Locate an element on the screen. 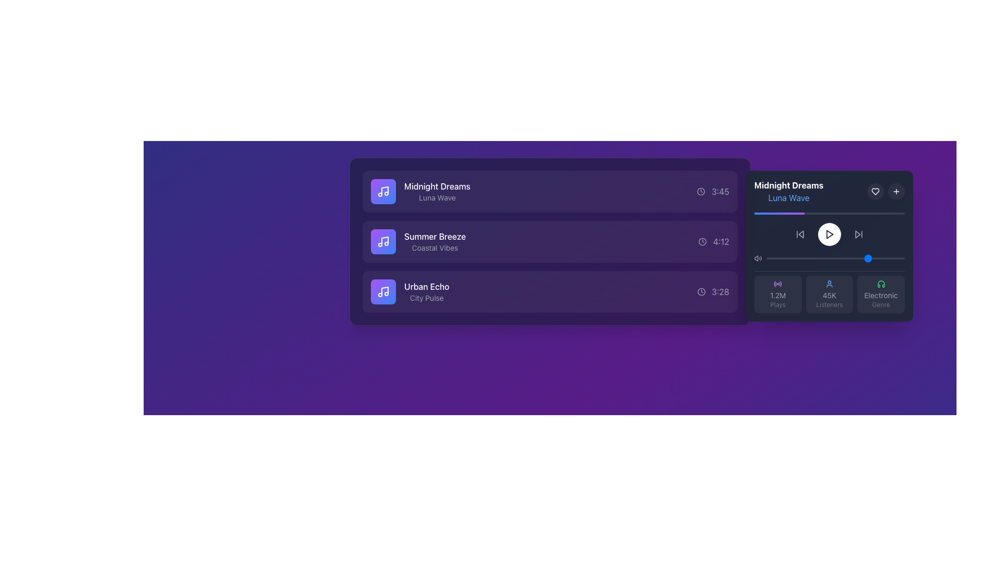  the heart-shaped icon in the top-right corner of the secondary panel to mark the current track as a favorite is located at coordinates (875, 191).